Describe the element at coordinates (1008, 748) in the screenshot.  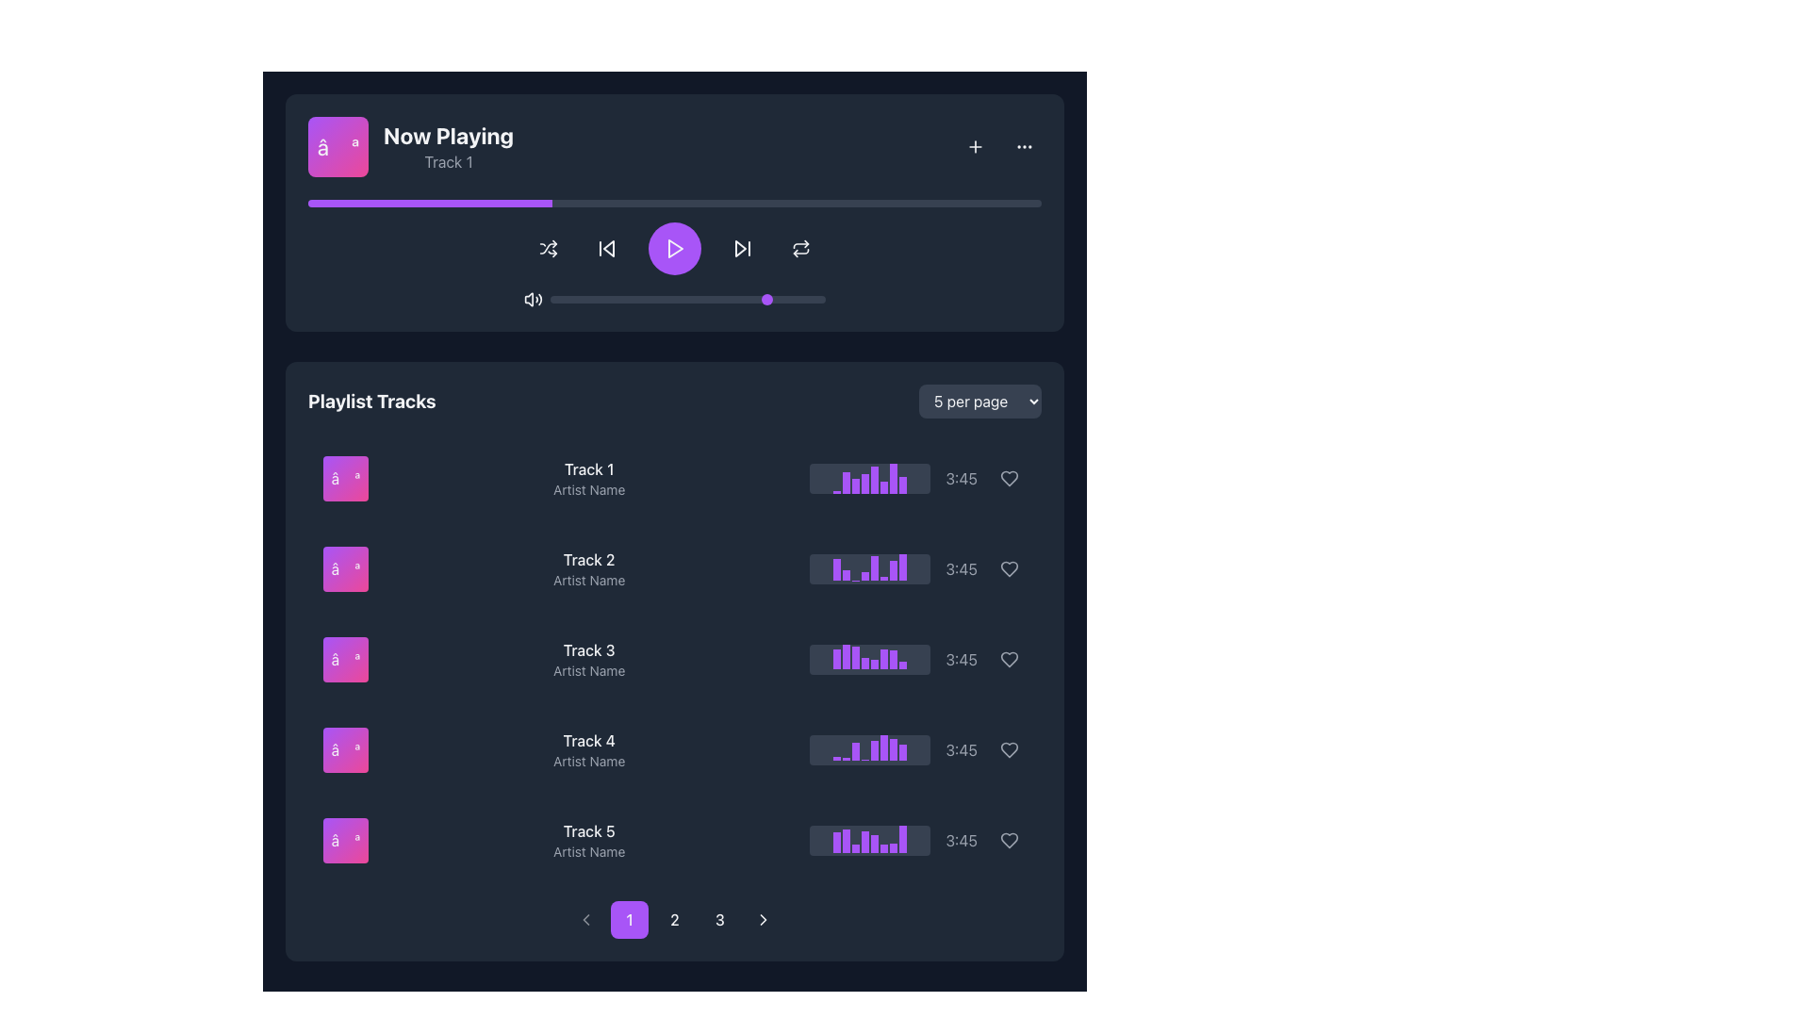
I see `the heart icon on the far-right side of the fourth track entry in the playlist to mark the track as a favorite` at that location.